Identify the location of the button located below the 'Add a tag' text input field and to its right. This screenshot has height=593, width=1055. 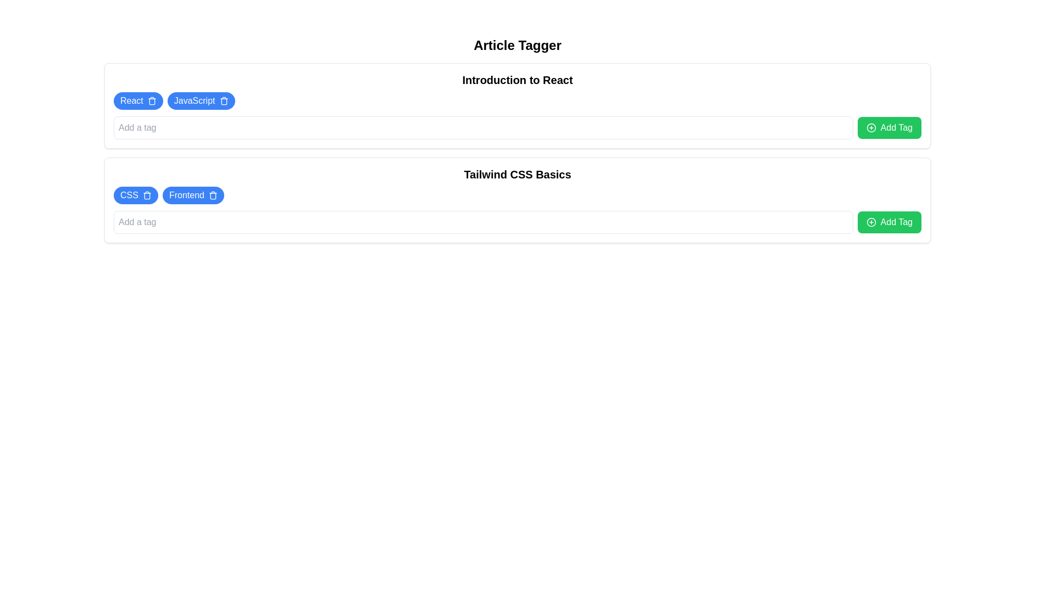
(889, 127).